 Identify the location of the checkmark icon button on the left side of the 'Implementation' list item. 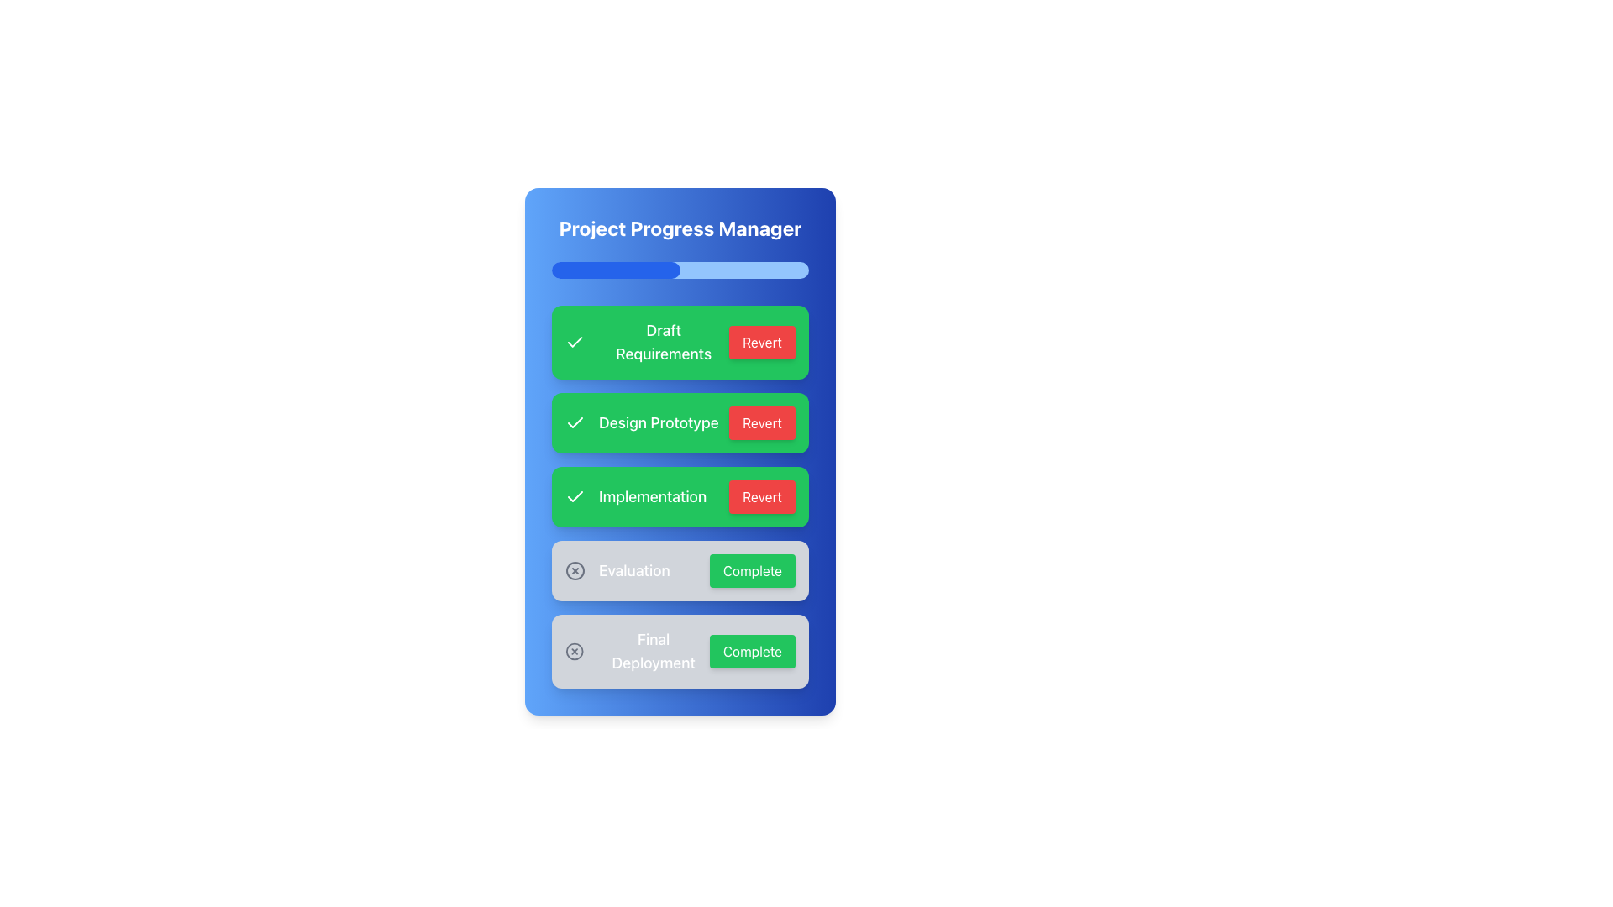
(575, 495).